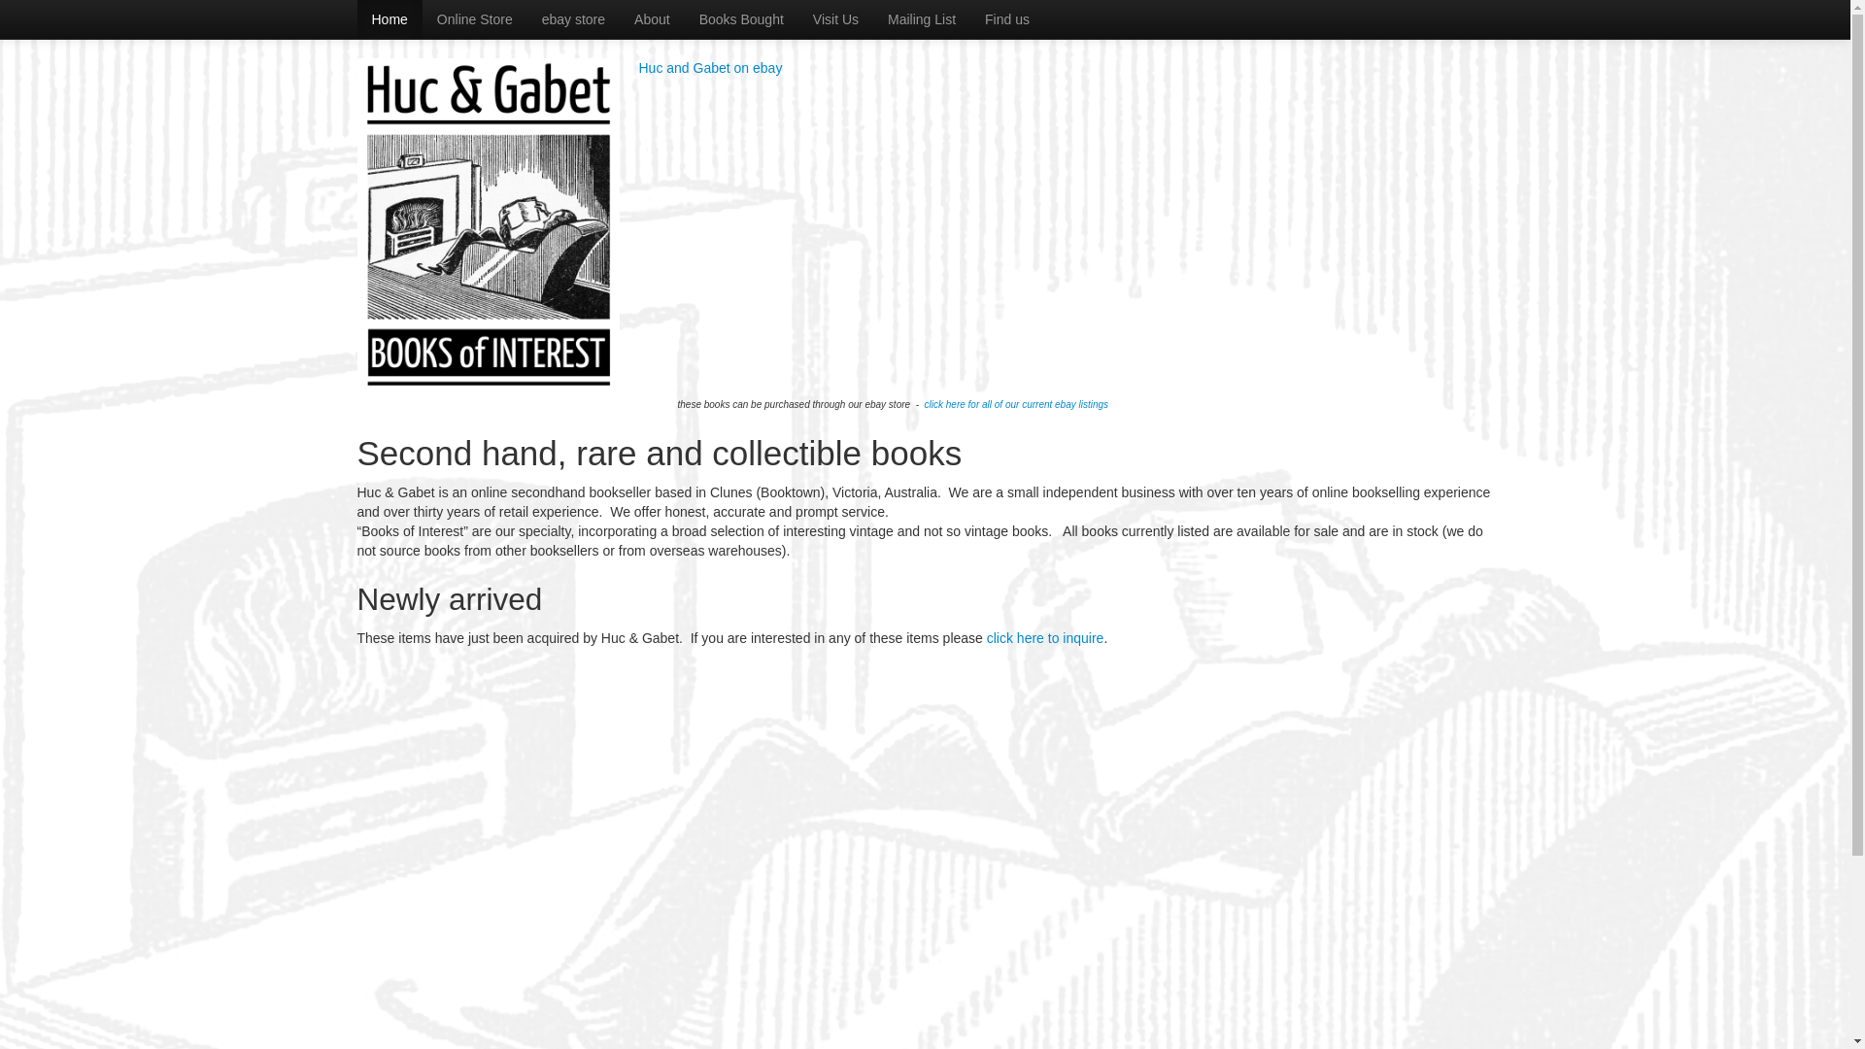  What do you see at coordinates (685, 18) in the screenshot?
I see `'Books Bought'` at bounding box center [685, 18].